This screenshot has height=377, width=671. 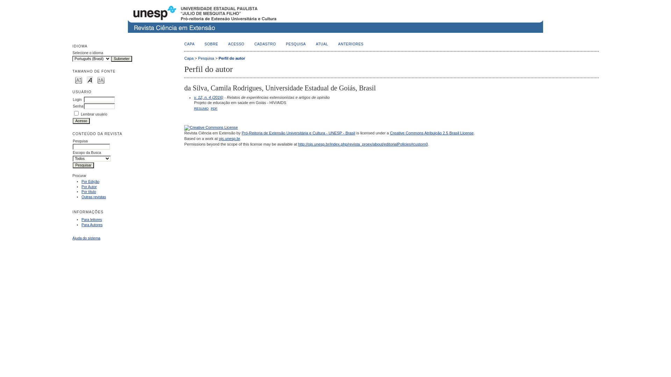 What do you see at coordinates (83, 165) in the screenshot?
I see `'Pesquisar'` at bounding box center [83, 165].